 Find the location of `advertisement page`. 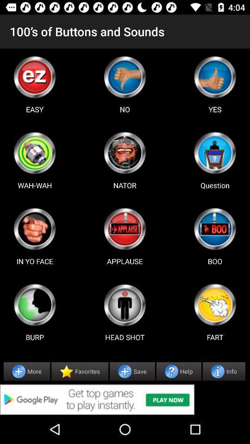

advertisement page is located at coordinates (215, 153).